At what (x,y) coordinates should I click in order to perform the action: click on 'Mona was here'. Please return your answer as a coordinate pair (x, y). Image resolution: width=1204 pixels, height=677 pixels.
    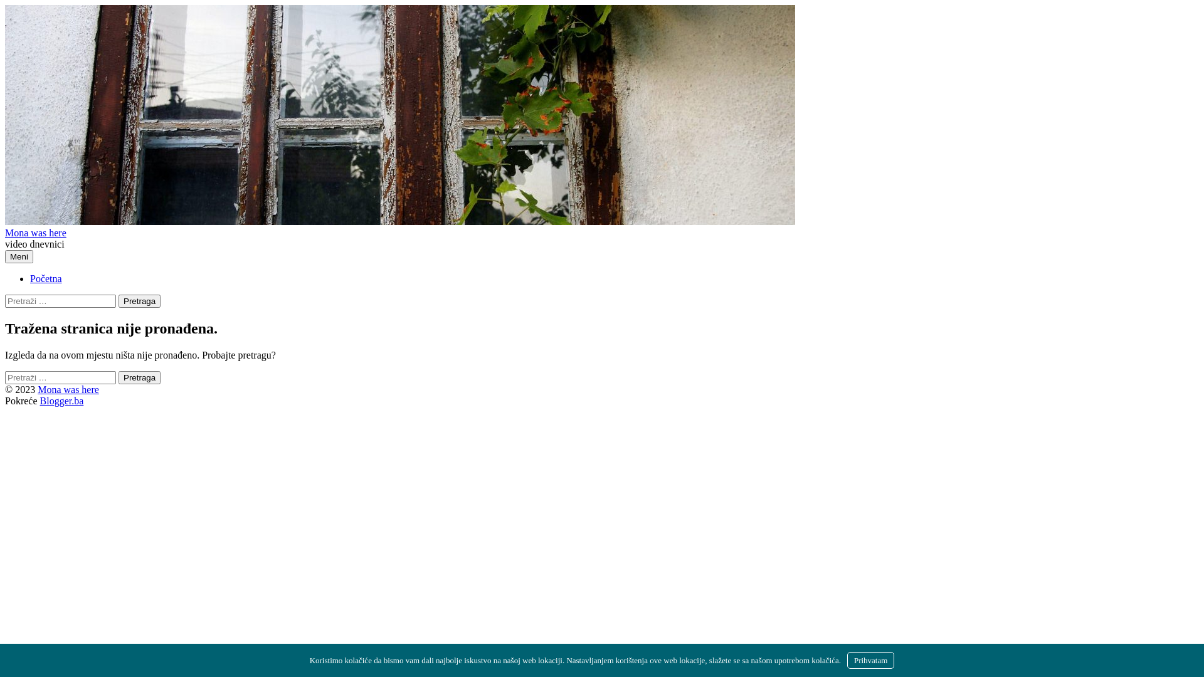
    Looking at the image, I should click on (68, 389).